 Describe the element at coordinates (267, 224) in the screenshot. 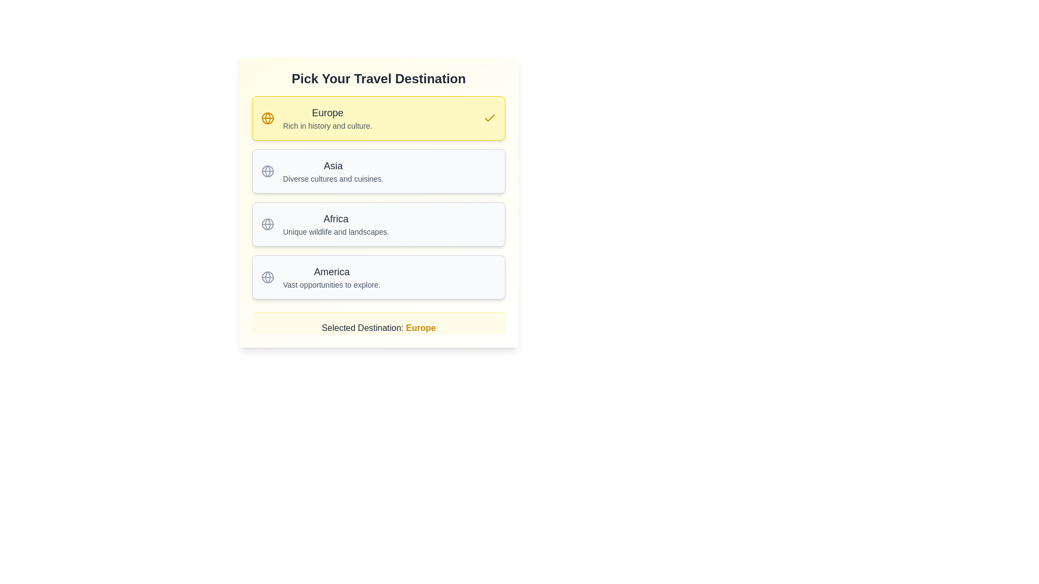

I see `the central circle within the globe icon that is part of the 'Africa' section in the third row of options, which has a dark gray outline and is filled with white` at that location.